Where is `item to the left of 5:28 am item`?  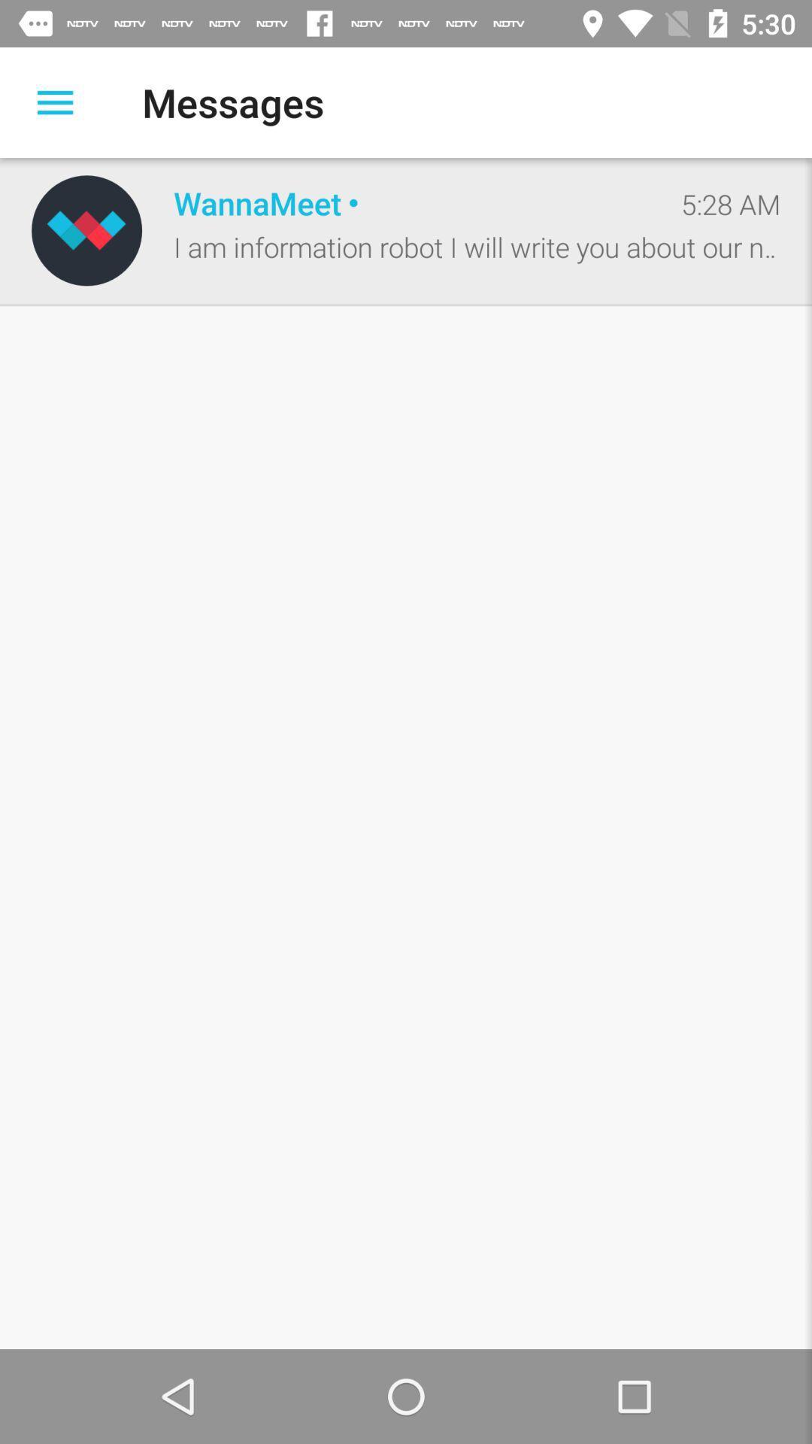 item to the left of 5:28 am item is located at coordinates (411, 202).